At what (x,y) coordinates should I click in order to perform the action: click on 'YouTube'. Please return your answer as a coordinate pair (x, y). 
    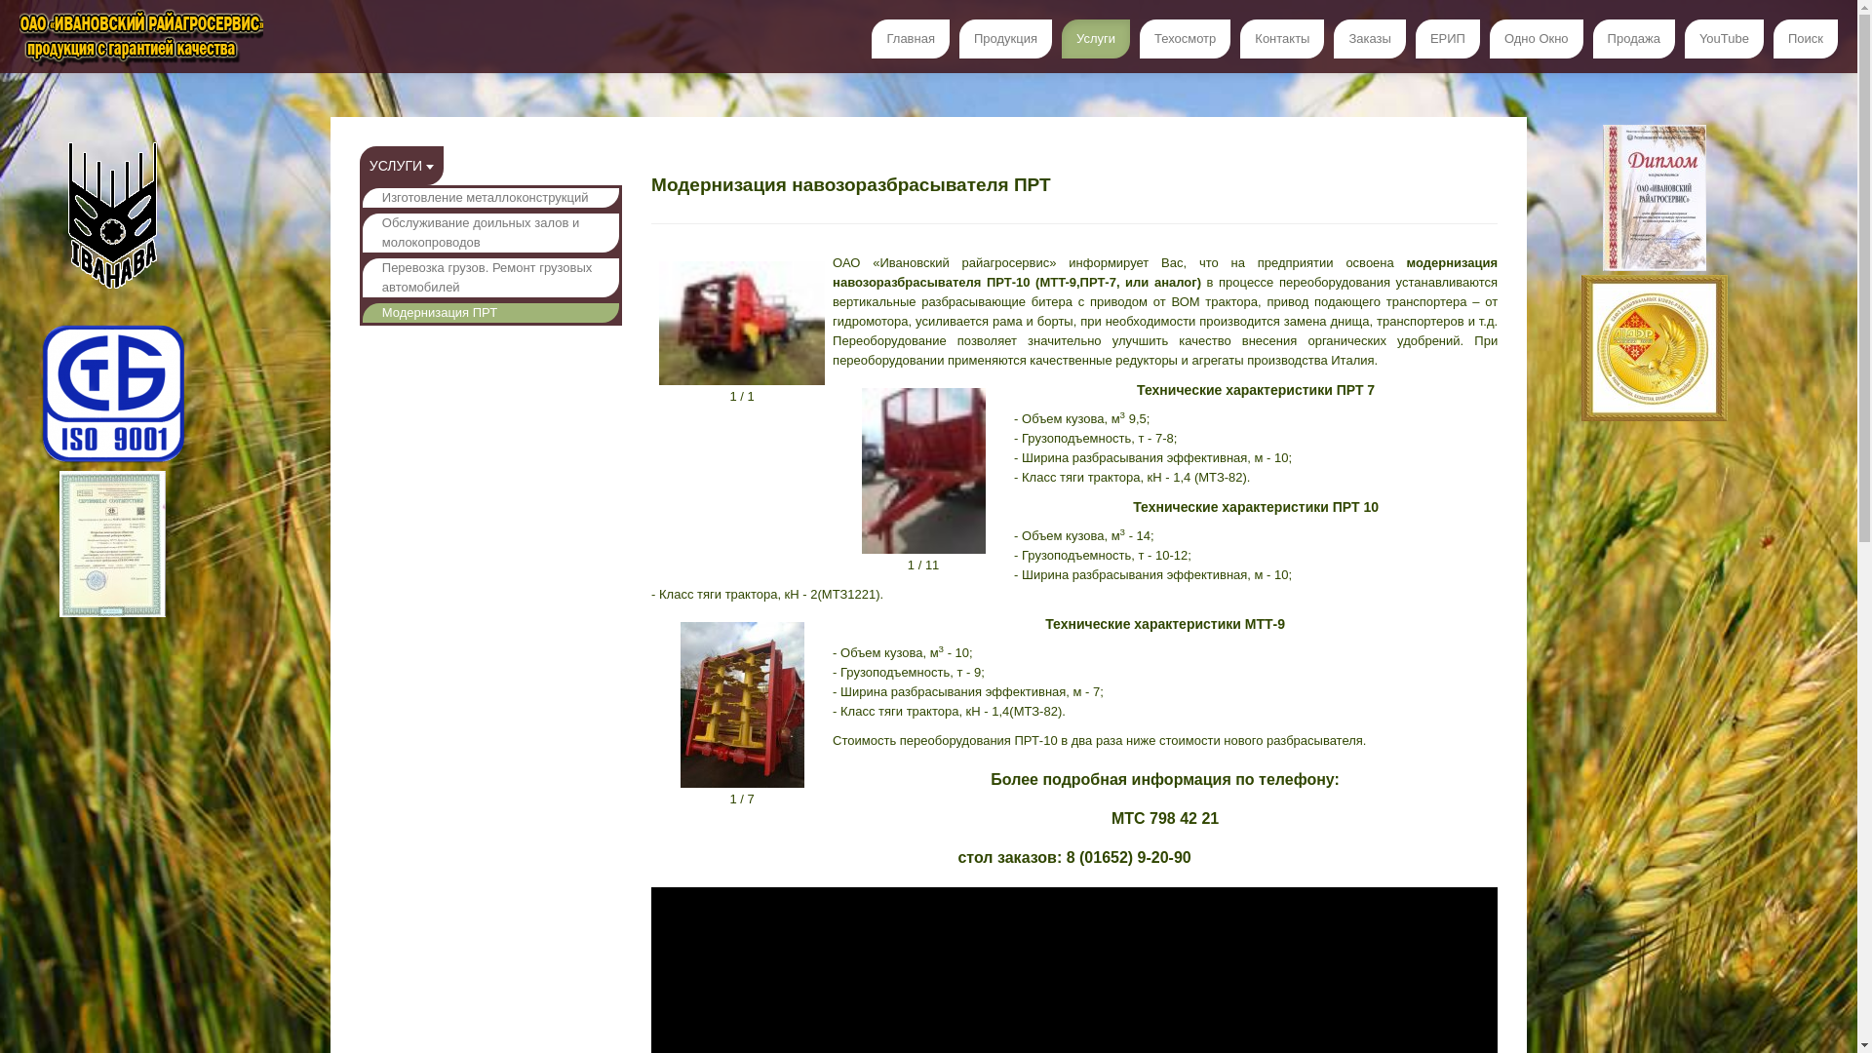
    Looking at the image, I should click on (1724, 38).